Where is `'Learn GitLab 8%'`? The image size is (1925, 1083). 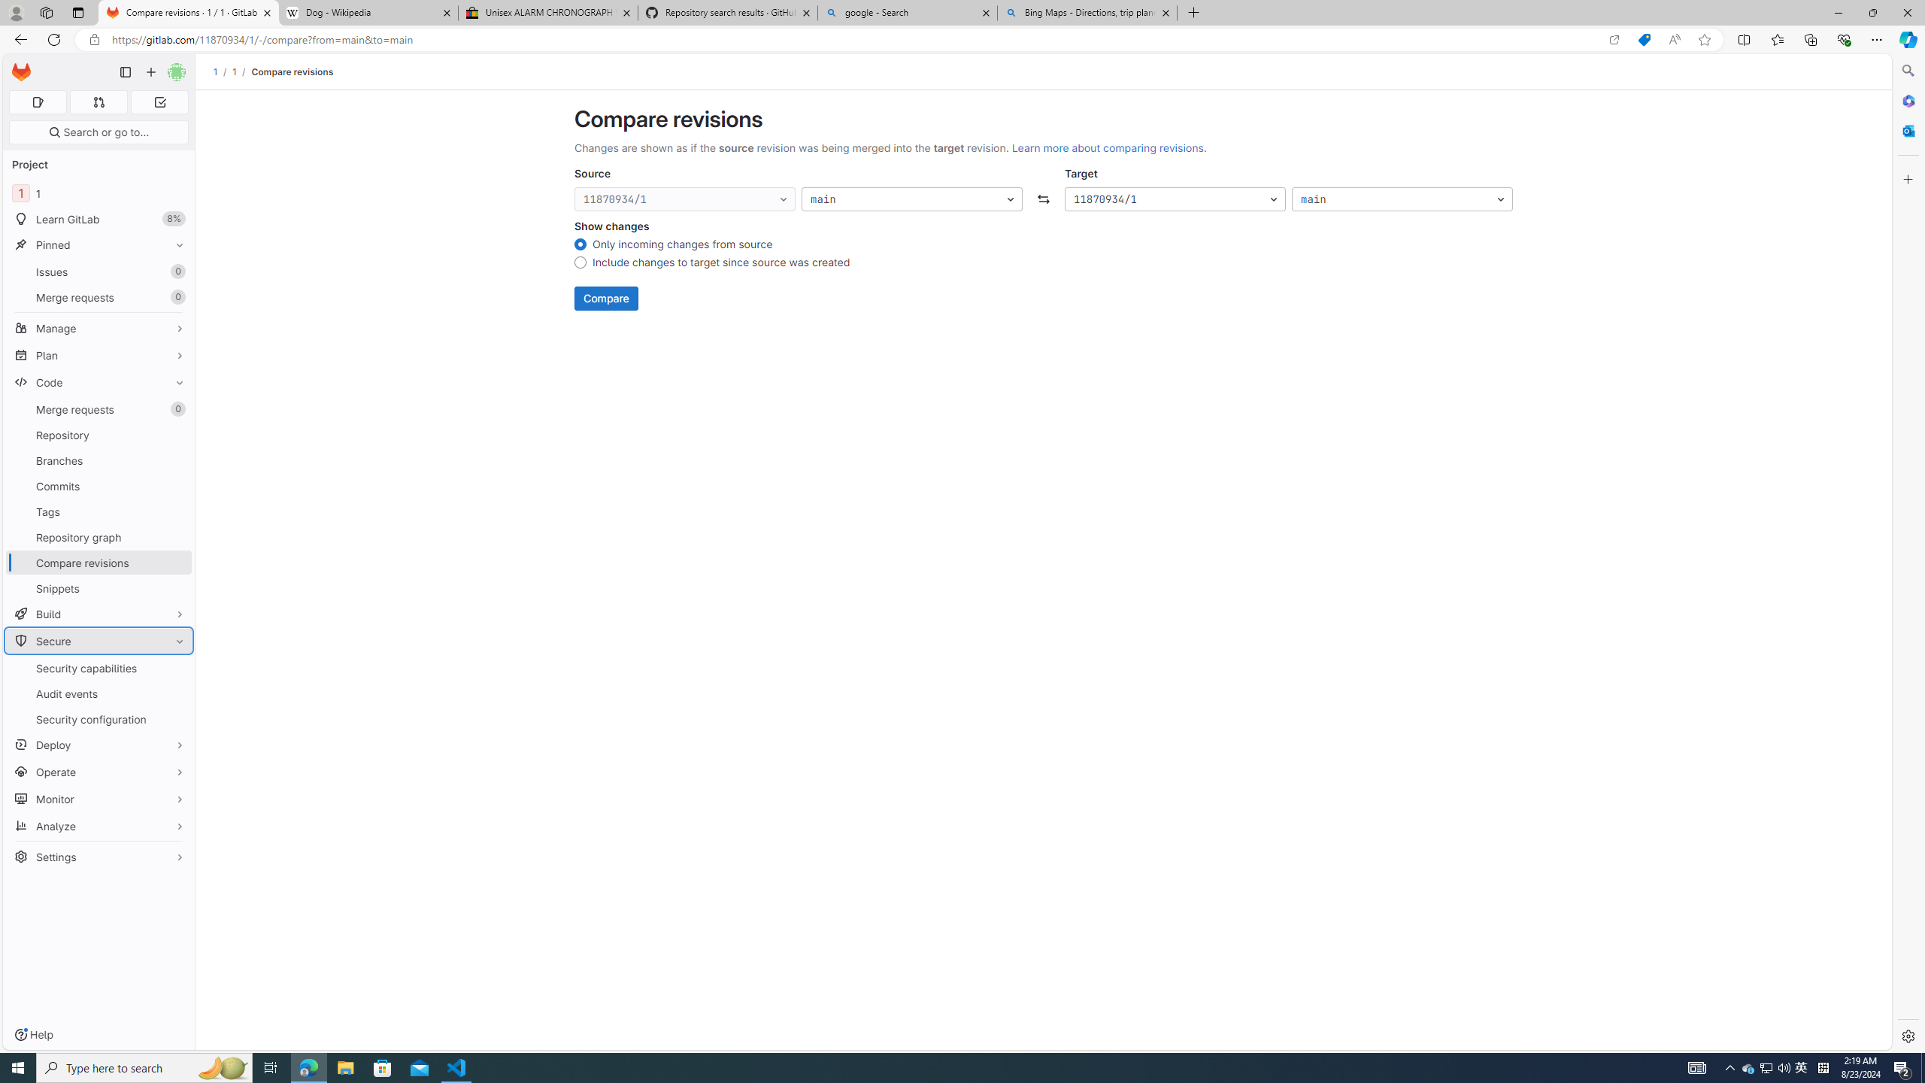 'Learn GitLab 8%' is located at coordinates (98, 219).